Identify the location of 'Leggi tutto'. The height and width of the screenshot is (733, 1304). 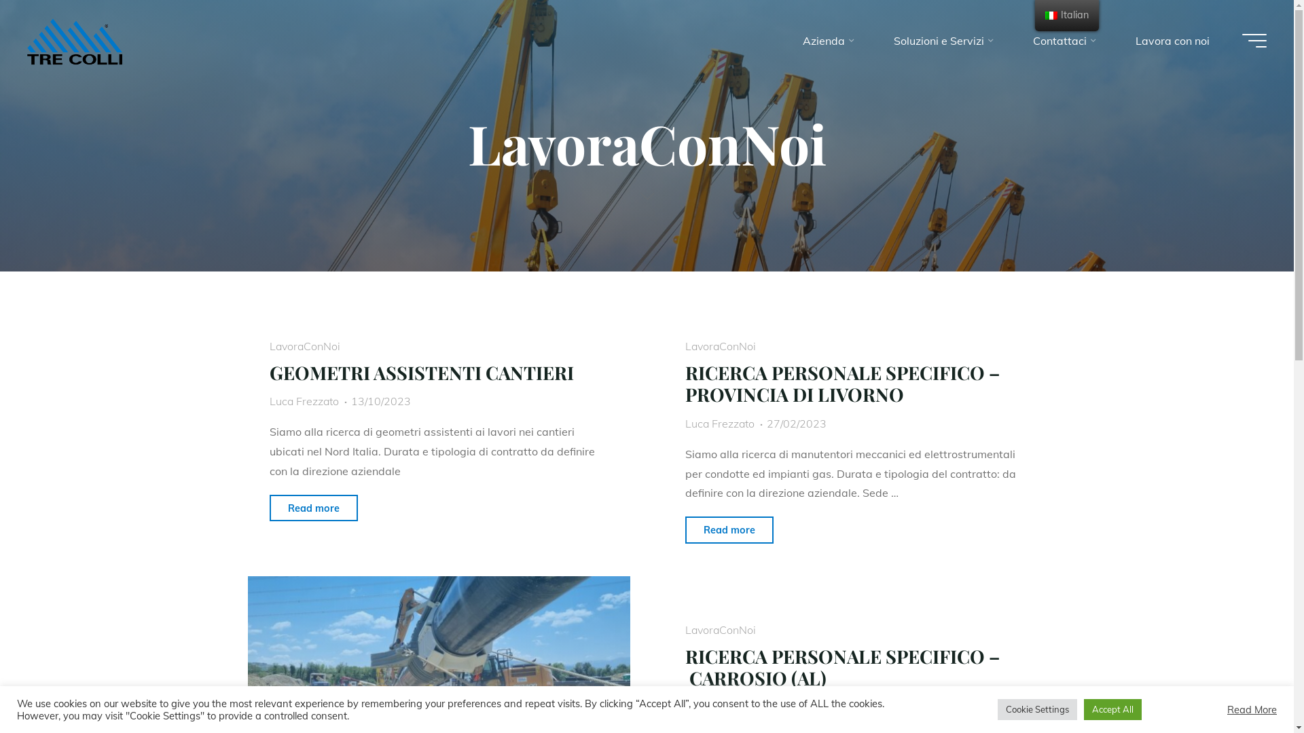
(638, 188).